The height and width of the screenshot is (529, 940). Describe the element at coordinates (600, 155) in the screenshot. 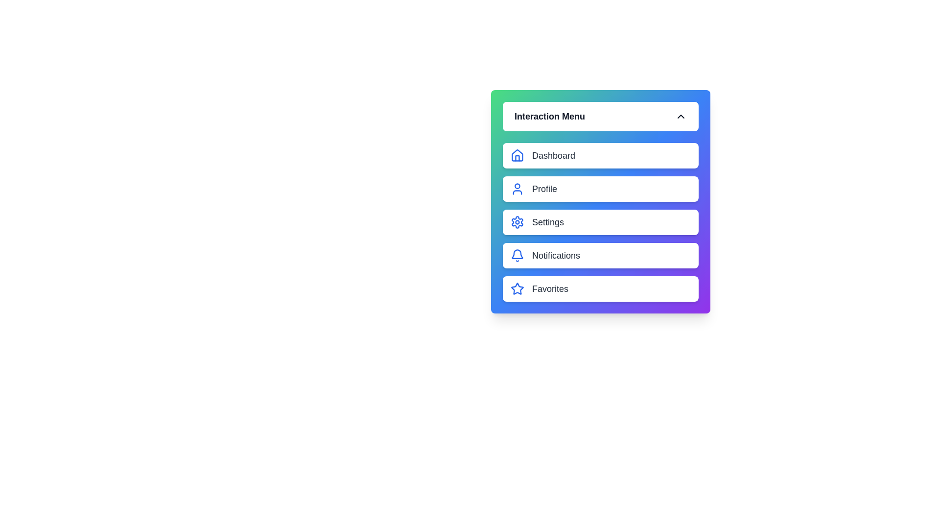

I see `the menu item Dashboard` at that location.